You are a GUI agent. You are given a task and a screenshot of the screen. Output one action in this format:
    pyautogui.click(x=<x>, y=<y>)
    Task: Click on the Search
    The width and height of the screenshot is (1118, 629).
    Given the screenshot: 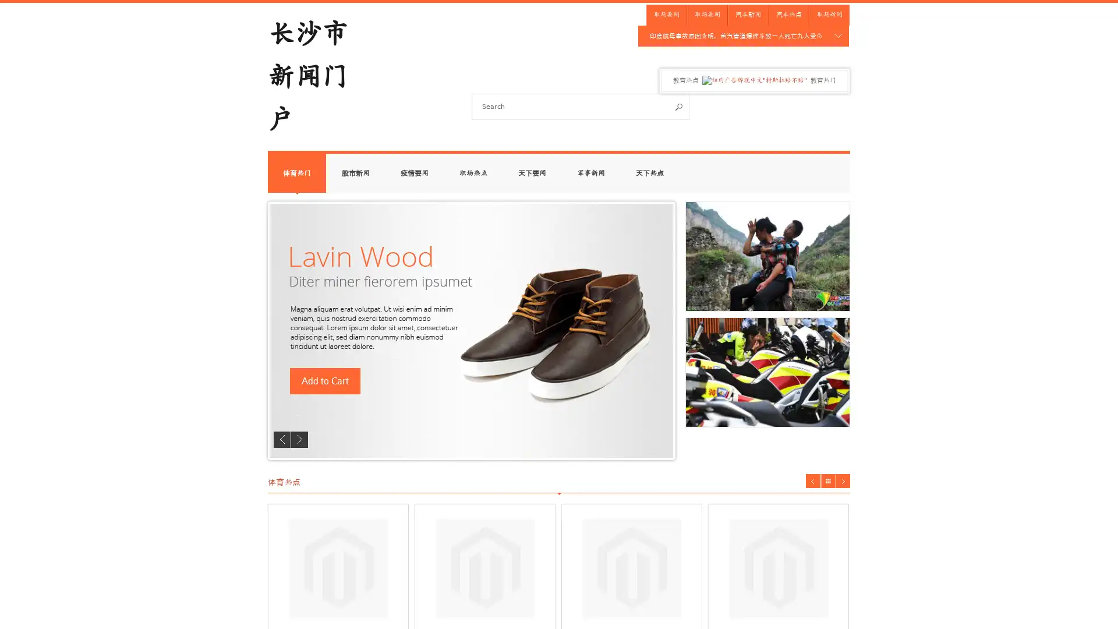 What is the action you would take?
    pyautogui.click(x=679, y=107)
    